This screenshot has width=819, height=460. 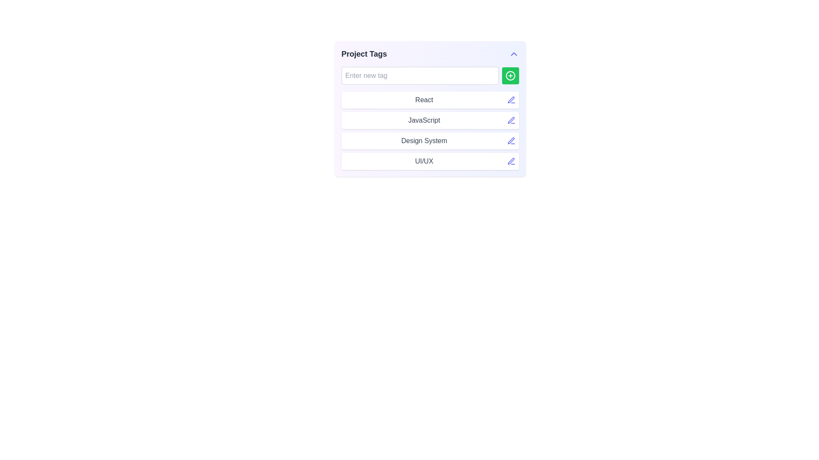 What do you see at coordinates (430, 100) in the screenshot?
I see `the 'React' tag` at bounding box center [430, 100].